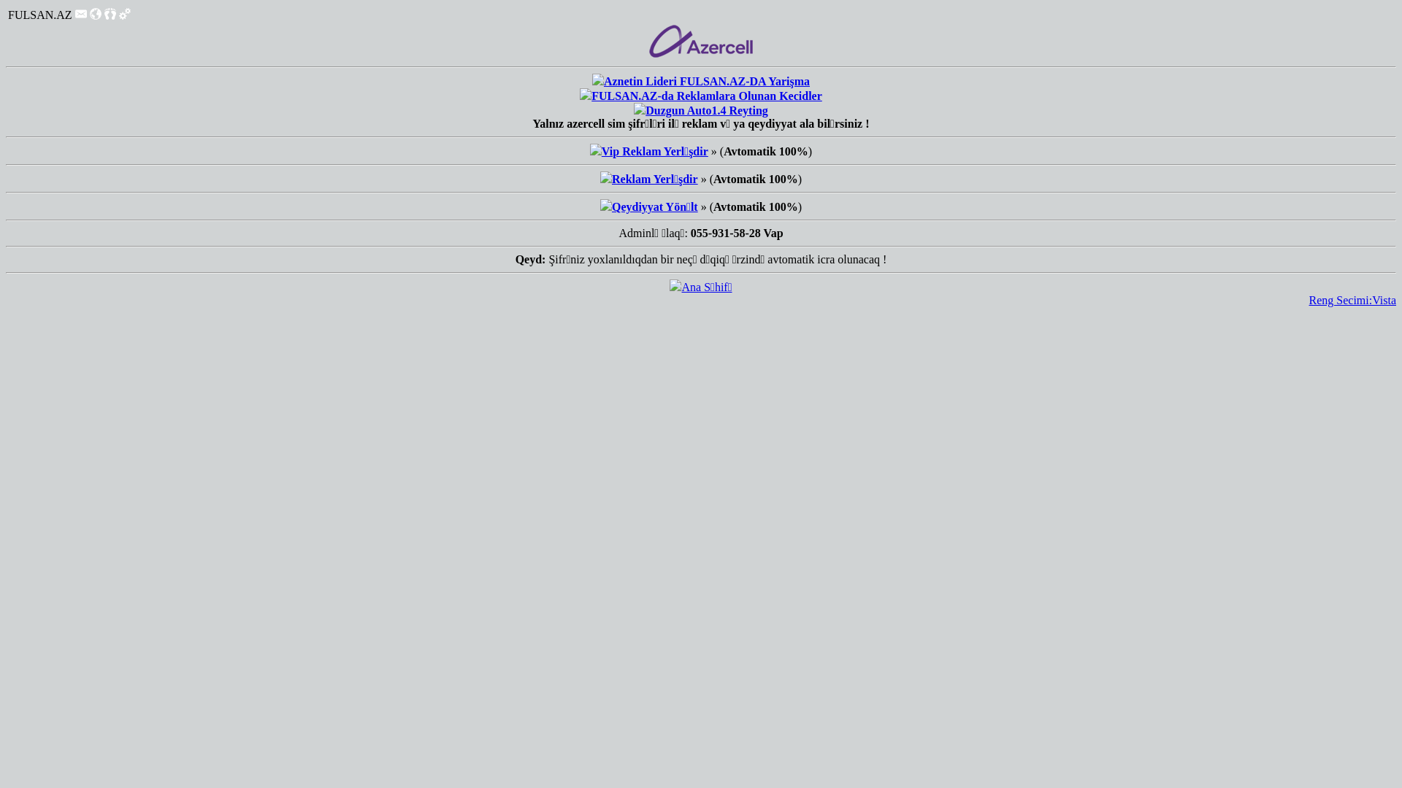 This screenshot has height=788, width=1402. Describe the element at coordinates (74, 15) in the screenshot. I see `'Mesajlar'` at that location.